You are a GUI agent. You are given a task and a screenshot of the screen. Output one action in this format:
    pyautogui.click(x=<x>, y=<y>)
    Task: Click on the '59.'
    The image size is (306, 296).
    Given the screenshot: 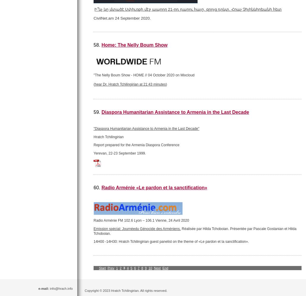 What is the action you would take?
    pyautogui.click(x=93, y=112)
    